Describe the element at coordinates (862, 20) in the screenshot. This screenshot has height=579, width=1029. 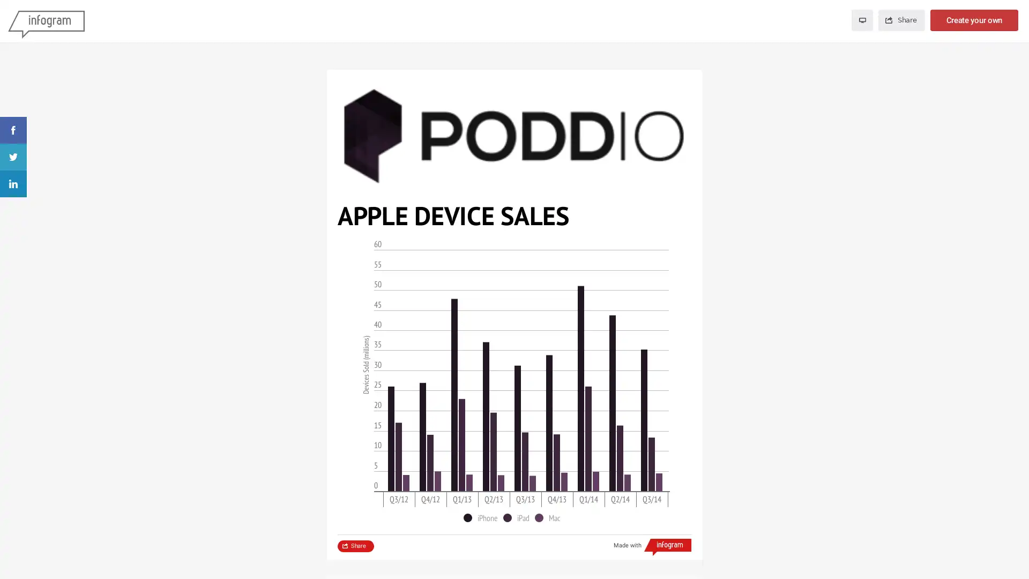
I see `Enter fullscreen` at that location.